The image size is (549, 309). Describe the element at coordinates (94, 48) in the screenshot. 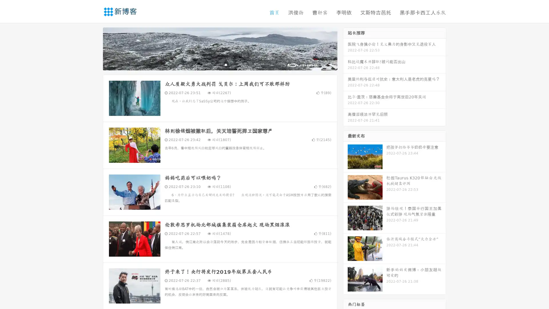

I see `Previous slide` at that location.